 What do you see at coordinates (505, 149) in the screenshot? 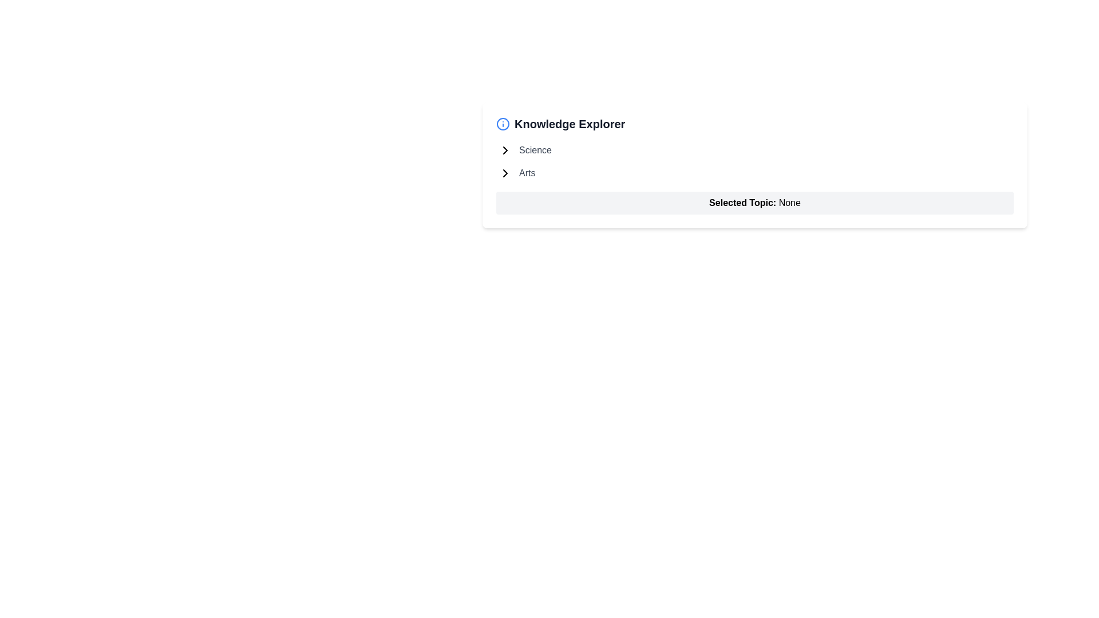
I see `the small chevron icon pointing to the right, located to the left of the 'Science' text label` at bounding box center [505, 149].